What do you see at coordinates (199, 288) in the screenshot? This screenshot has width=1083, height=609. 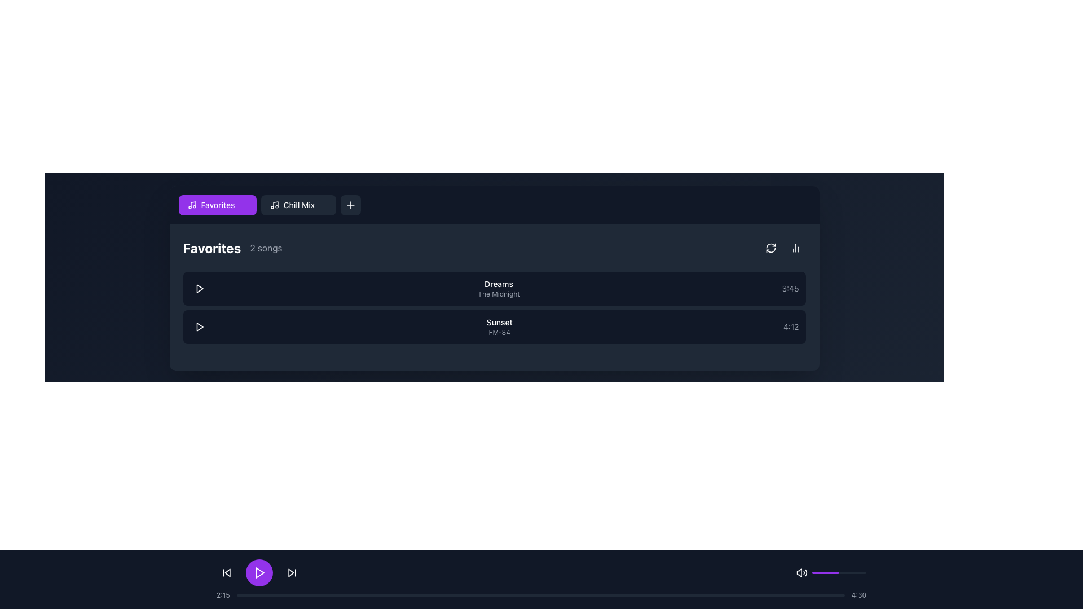 I see `the playback button for the song 'Dreams' by 'The Midnight' to change its background color` at bounding box center [199, 288].